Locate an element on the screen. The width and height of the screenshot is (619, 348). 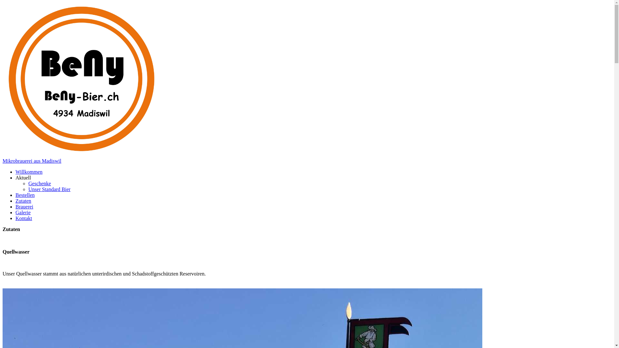
'Willkommen' is located at coordinates (15, 171).